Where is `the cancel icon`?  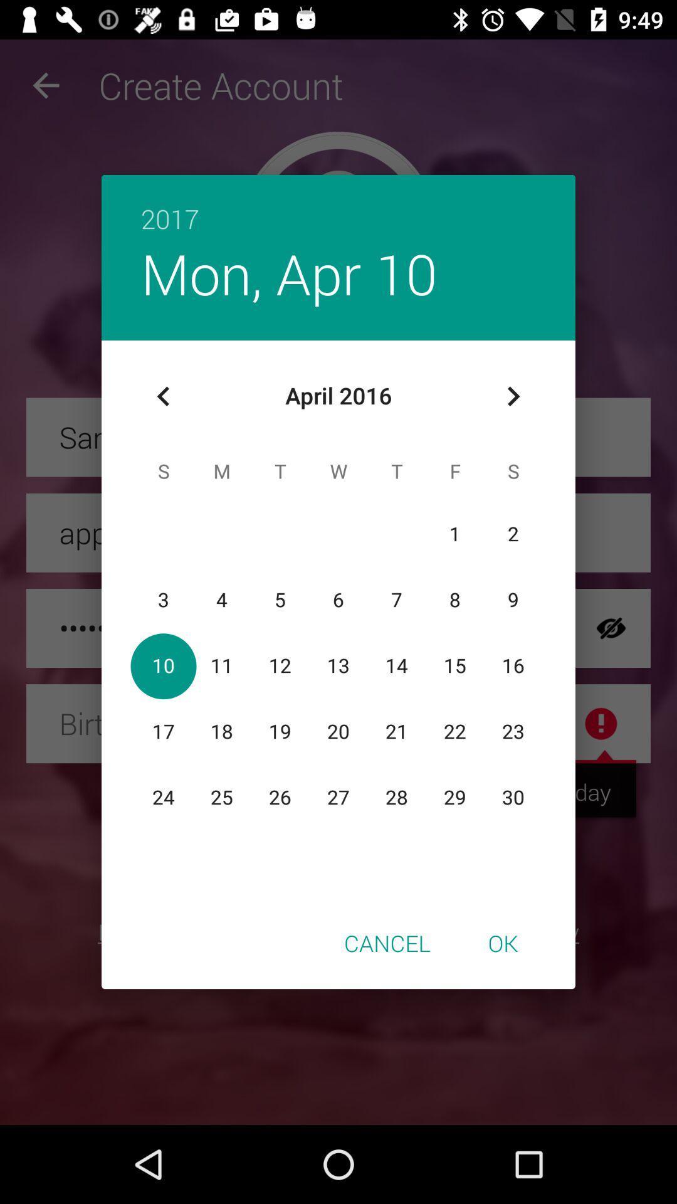 the cancel icon is located at coordinates (386, 943).